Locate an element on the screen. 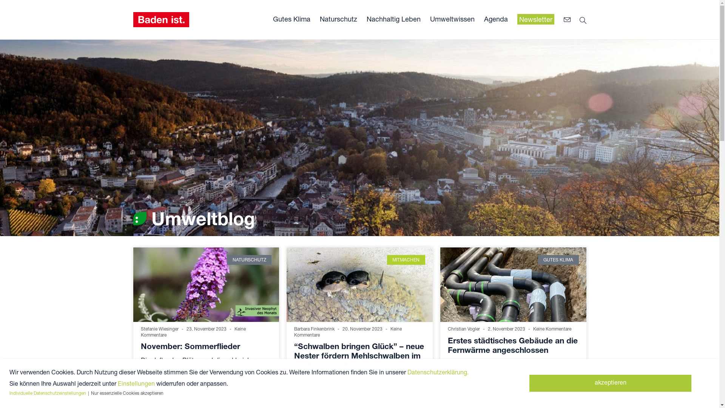  'Nur essenzielle Cookies akzeptieren' is located at coordinates (127, 393).